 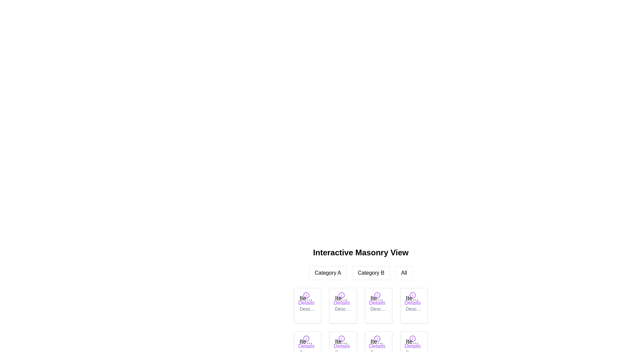 I want to click on the small circular purple icon containing an 'i' symbol, located at the top right corner of the 'Details' button in the second row, third column of the interactive masonry grid layout, so click(x=377, y=338).